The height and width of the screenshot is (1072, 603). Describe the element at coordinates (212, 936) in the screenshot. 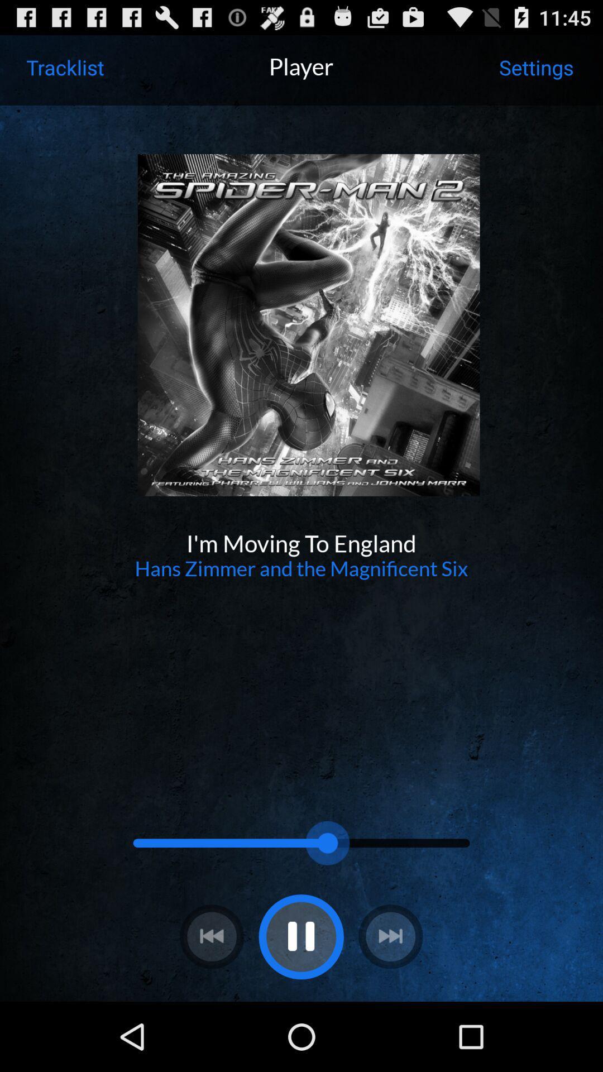

I see `previous audio` at that location.